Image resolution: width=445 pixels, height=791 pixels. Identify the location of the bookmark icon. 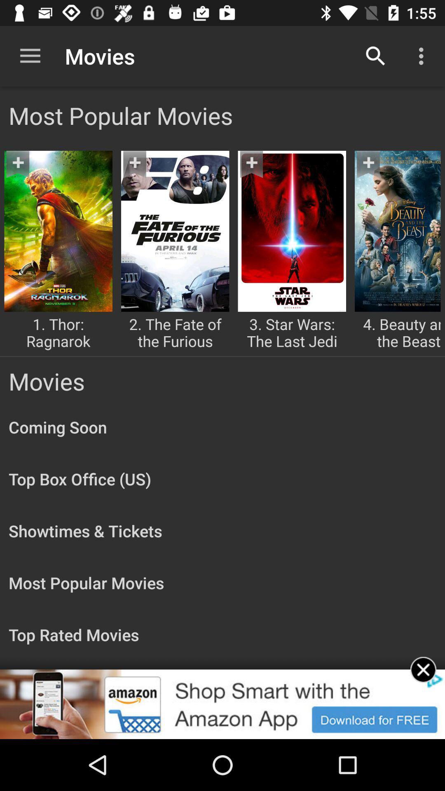
(25, 172).